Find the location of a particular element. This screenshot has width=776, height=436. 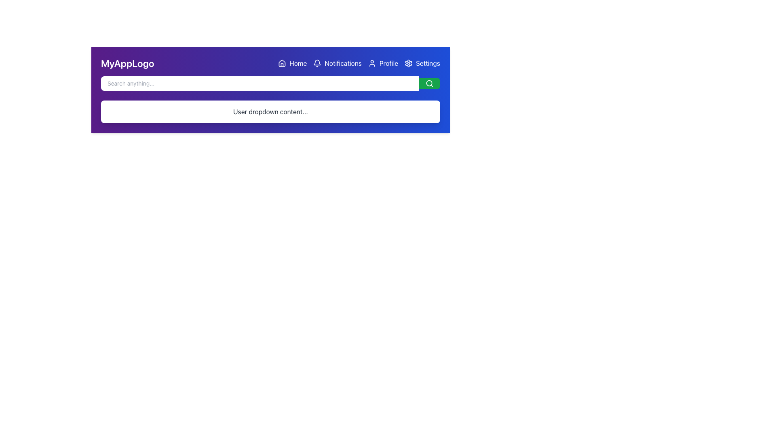

the user silhouette icon with a white outline on a blue background located in the navigation bar, positioned between the Notifications icon and the Settings icon is located at coordinates (371, 63).